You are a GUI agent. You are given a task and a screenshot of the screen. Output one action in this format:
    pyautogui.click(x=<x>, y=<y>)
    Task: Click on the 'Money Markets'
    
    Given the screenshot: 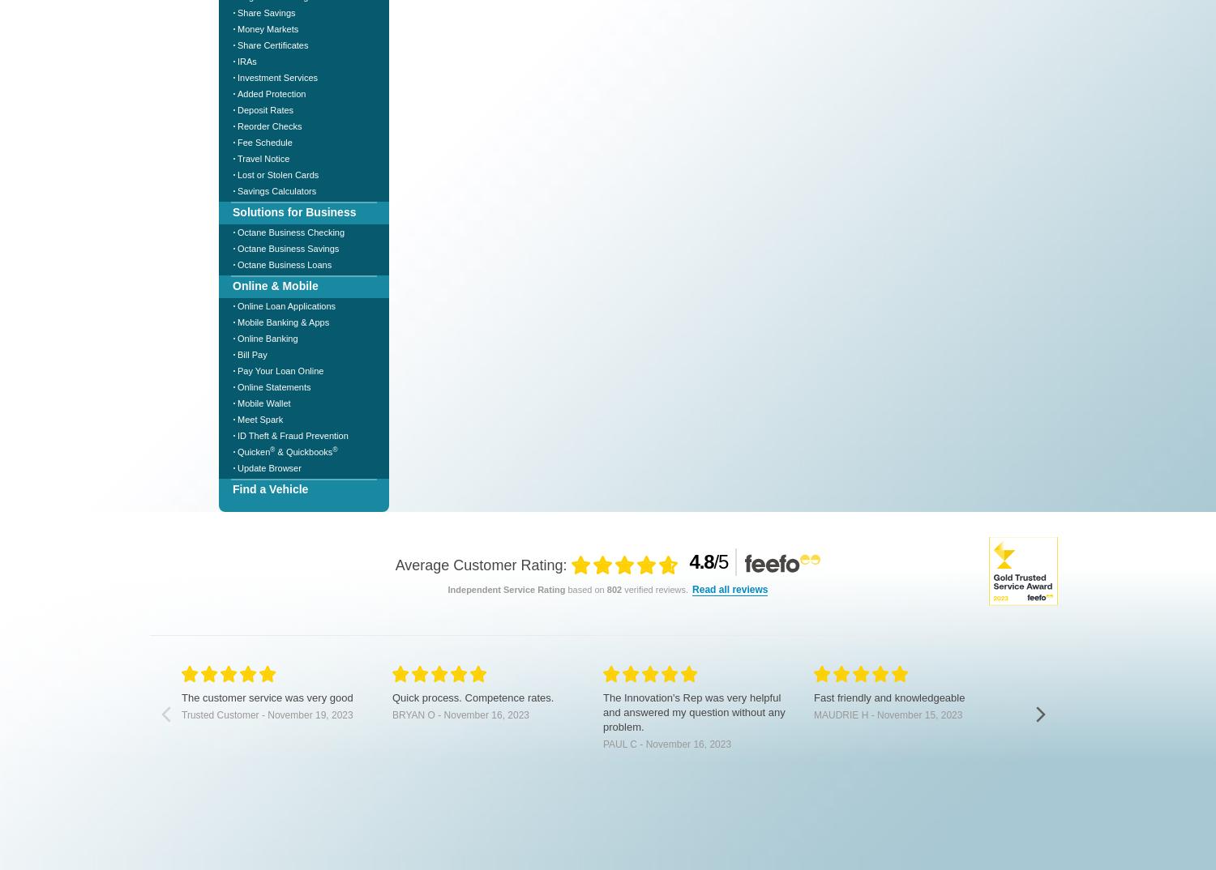 What is the action you would take?
    pyautogui.click(x=267, y=28)
    